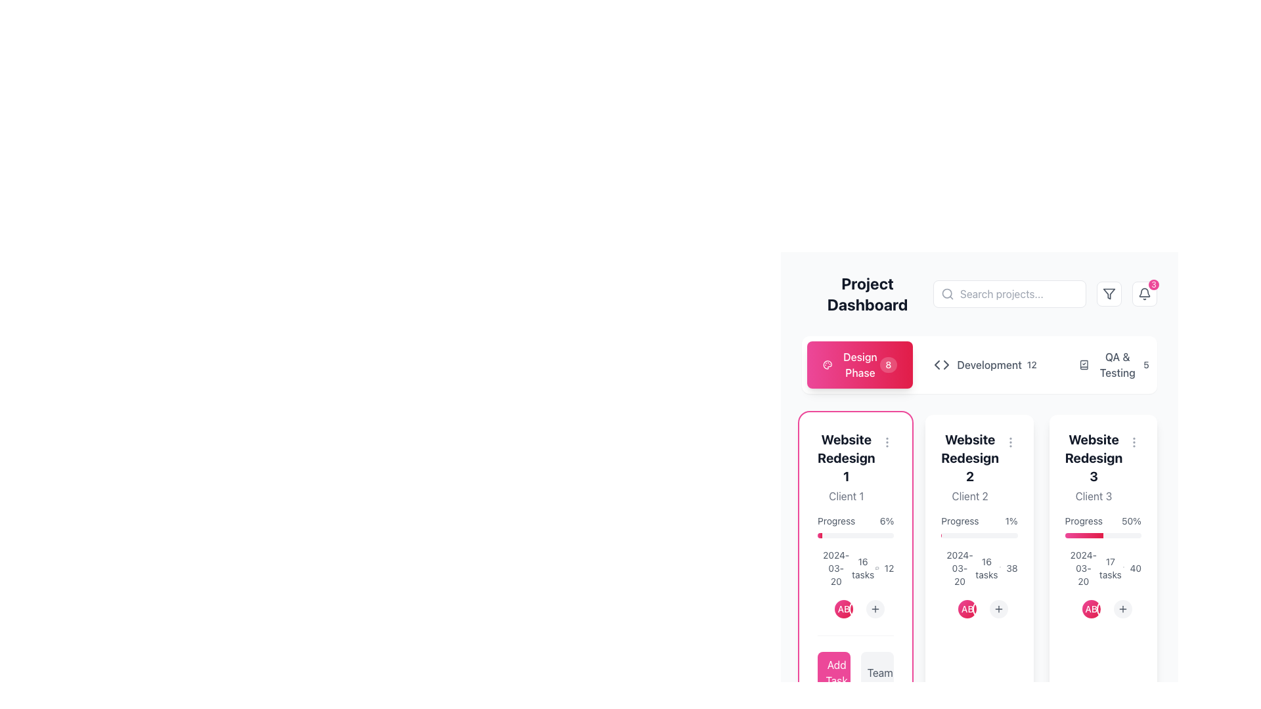  I want to click on the button with an icon that serves as a menu trigger for additional options related to 'Website Redesign 1', so click(887, 442).